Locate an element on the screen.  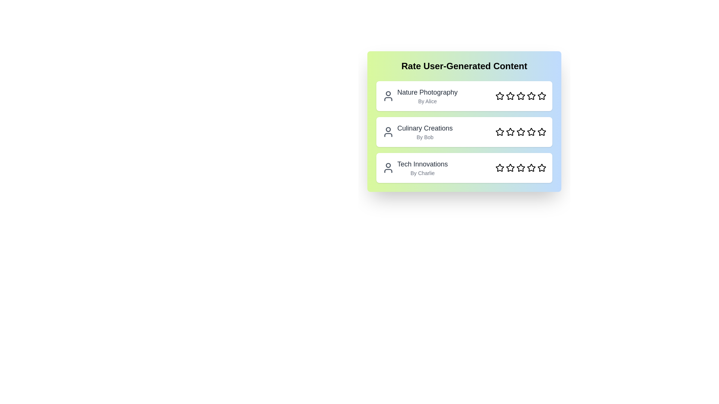
the star corresponding to the rating 1 for the content Culinary Creations is located at coordinates (500, 132).